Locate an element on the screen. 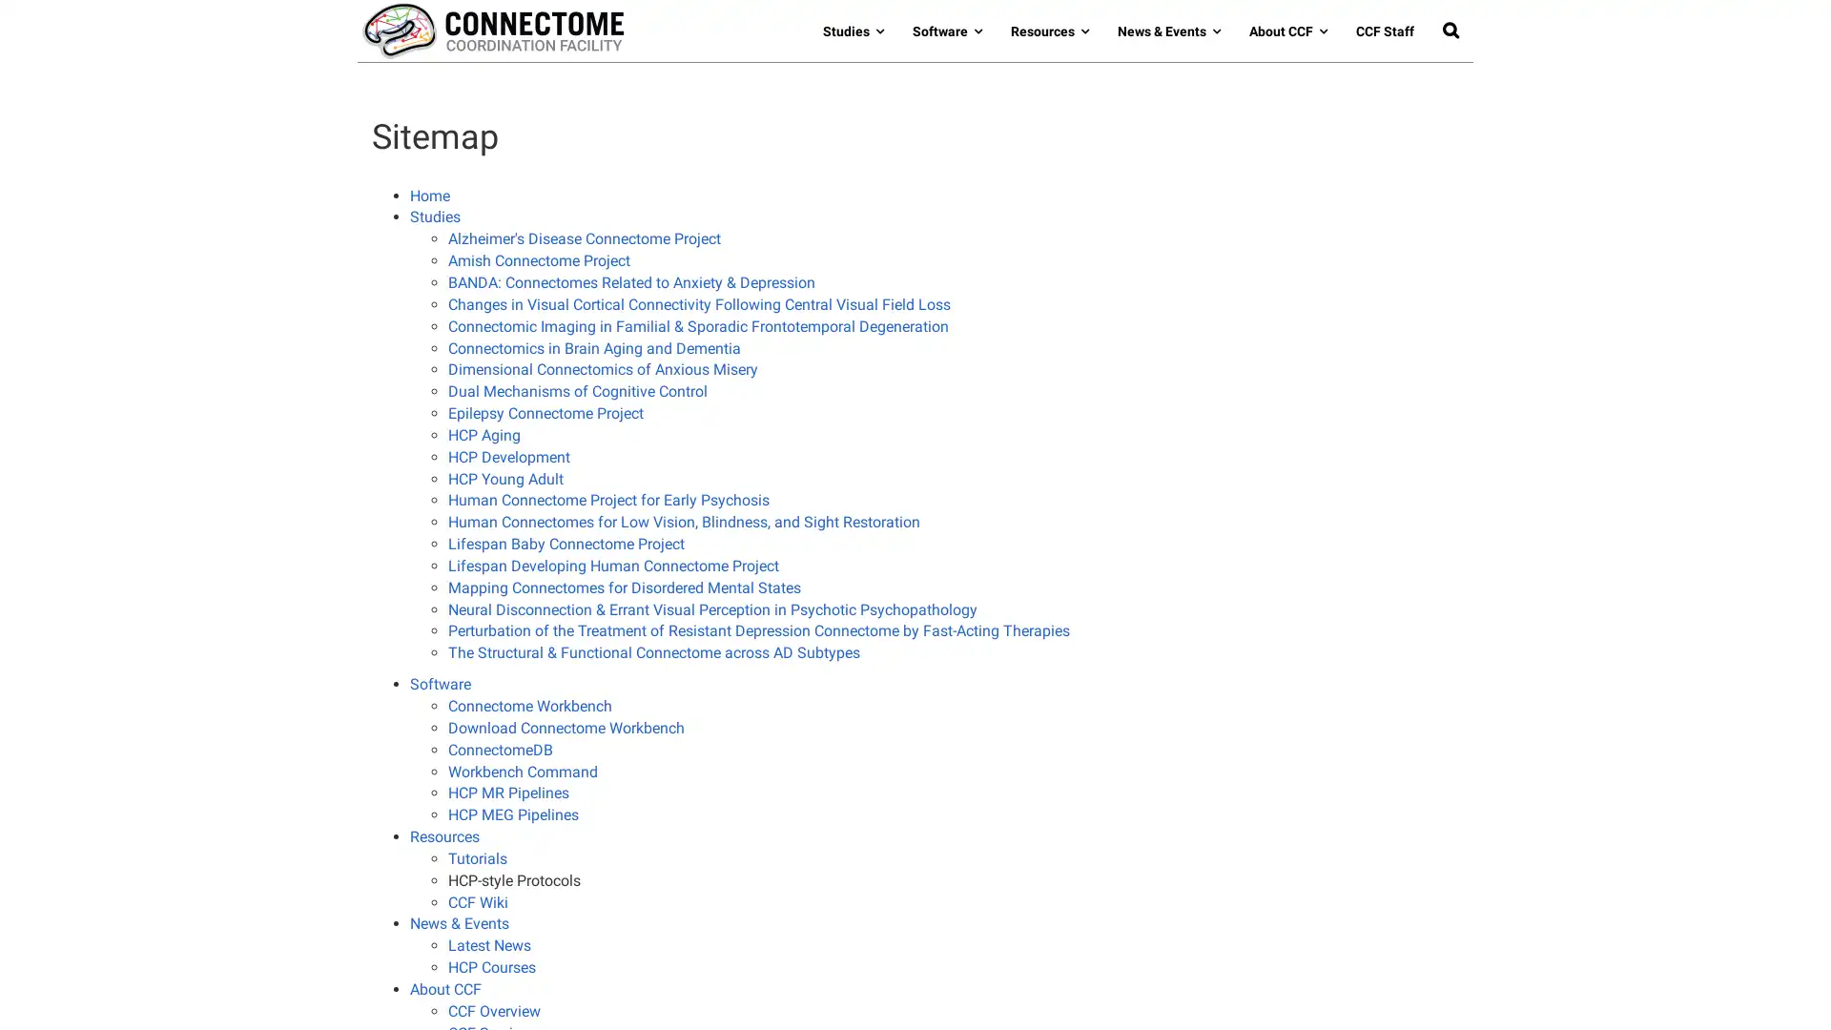 The height and width of the screenshot is (1030, 1831). Studies is located at coordinates (852, 36).